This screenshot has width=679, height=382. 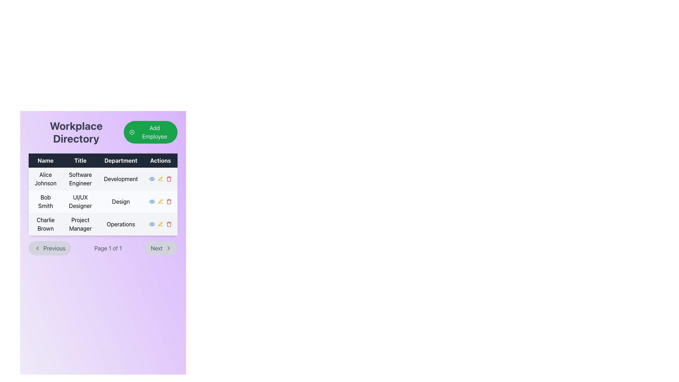 I want to click on the red trash bin icon located in the 'Actions' column of the second row corresponding to user 'Bob Smith', so click(x=168, y=178).